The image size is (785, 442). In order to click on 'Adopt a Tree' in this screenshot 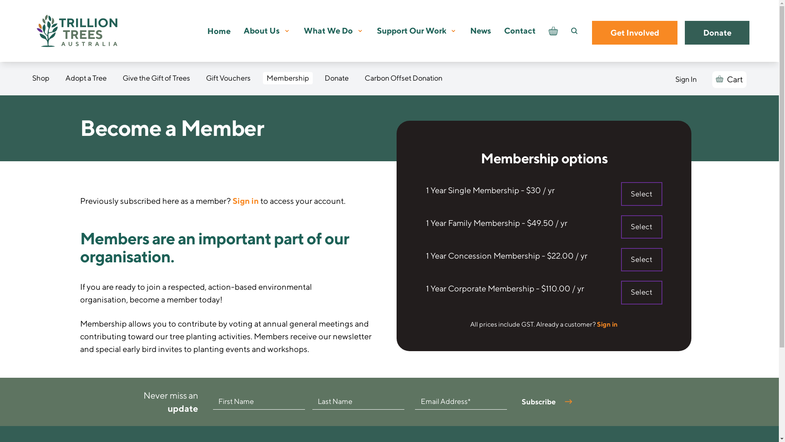, I will do `click(86, 78)`.